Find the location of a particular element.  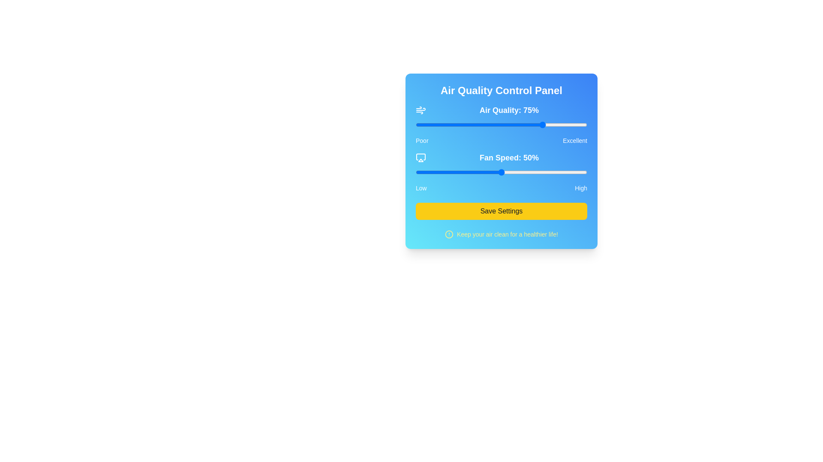

the fan speed is located at coordinates (458, 172).